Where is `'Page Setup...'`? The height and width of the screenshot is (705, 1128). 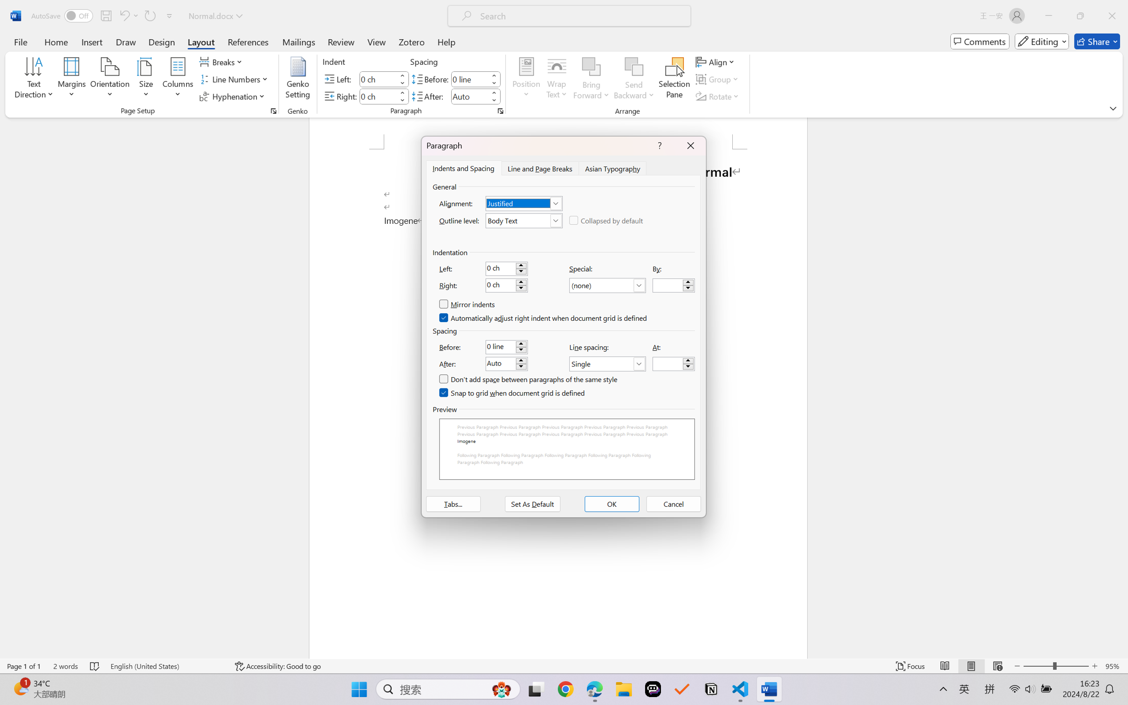 'Page Setup...' is located at coordinates (273, 111).